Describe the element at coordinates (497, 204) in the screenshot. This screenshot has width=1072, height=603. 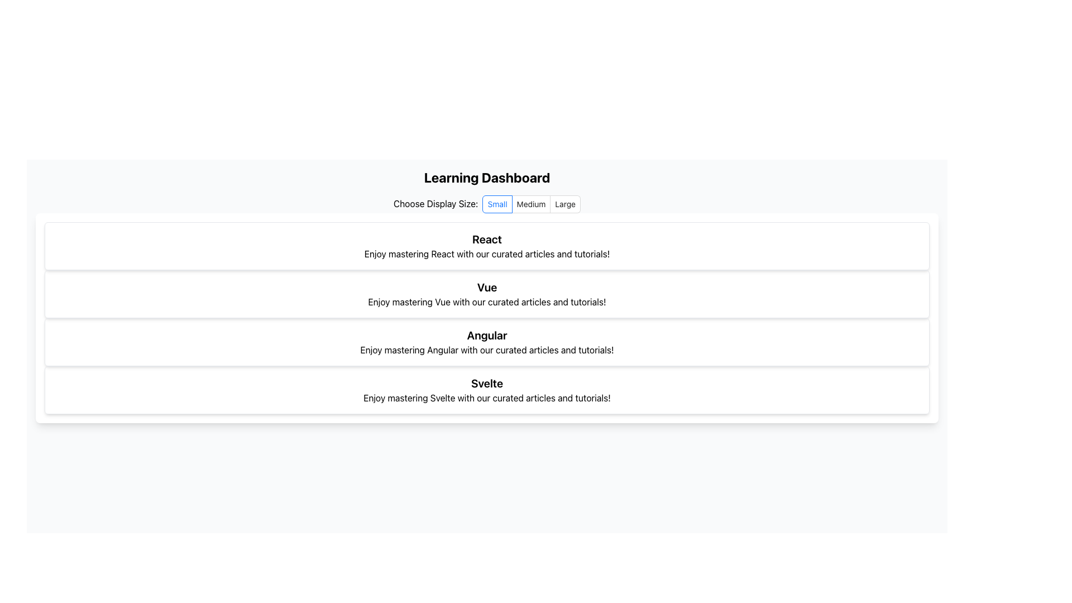
I see `the 'Small' display size label` at that location.